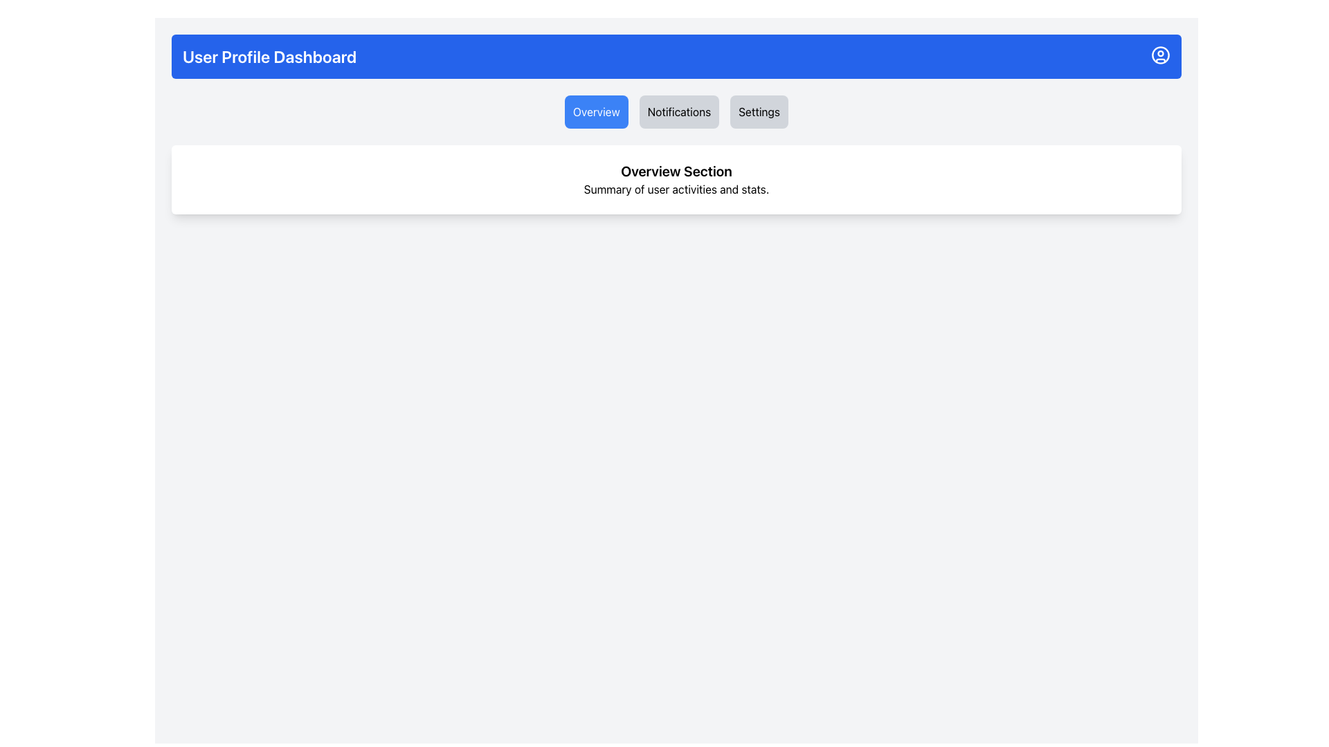 The image size is (1329, 747). I want to click on the user profile icon located at the top-right edge of the header bar, so click(1160, 55).